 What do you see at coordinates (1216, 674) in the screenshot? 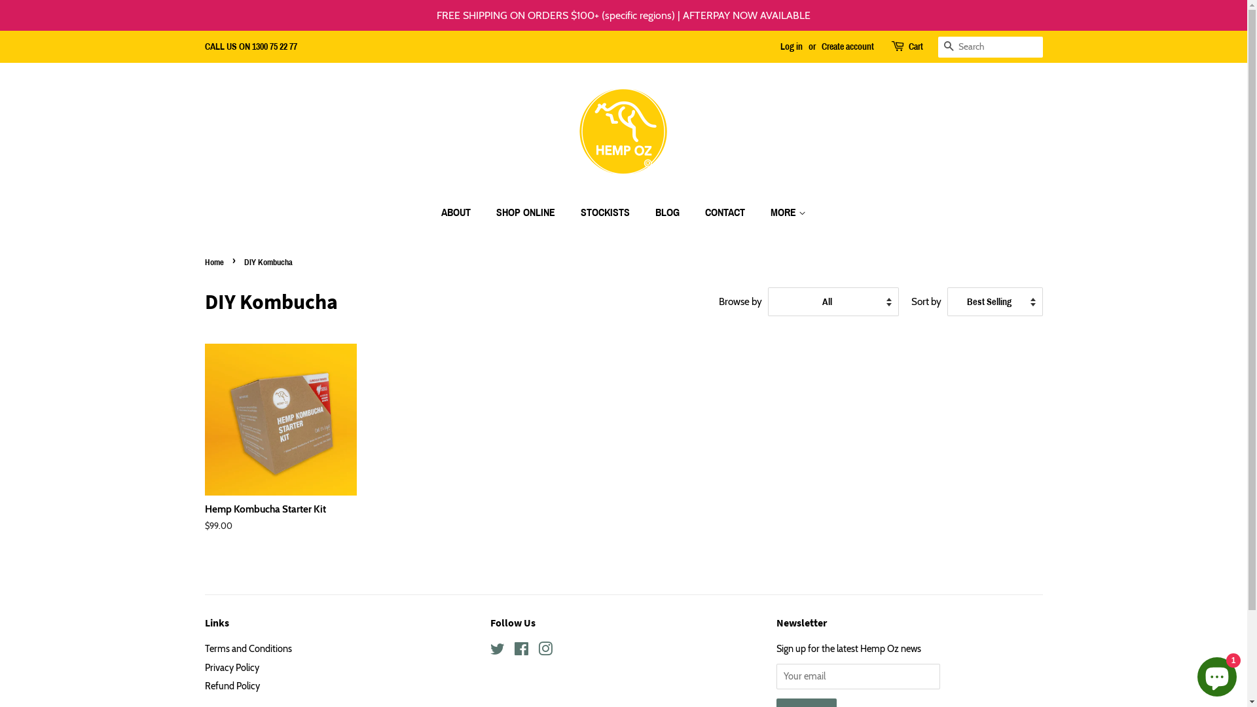
I see `'Shopify online store chat'` at bounding box center [1216, 674].